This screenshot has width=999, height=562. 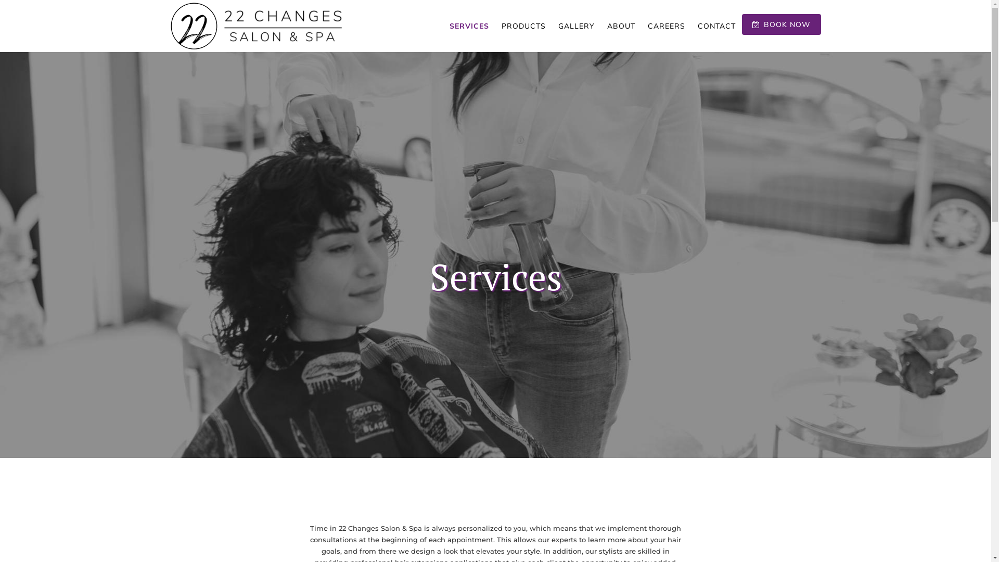 I want to click on 'GALLERY', so click(x=575, y=25).